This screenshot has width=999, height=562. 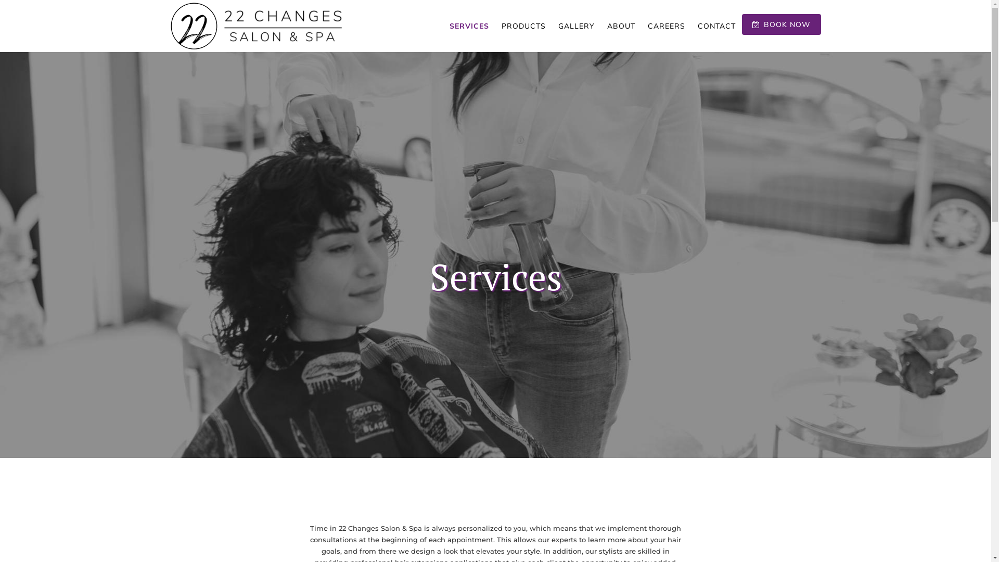 I want to click on 'GALLERY', so click(x=575, y=25).